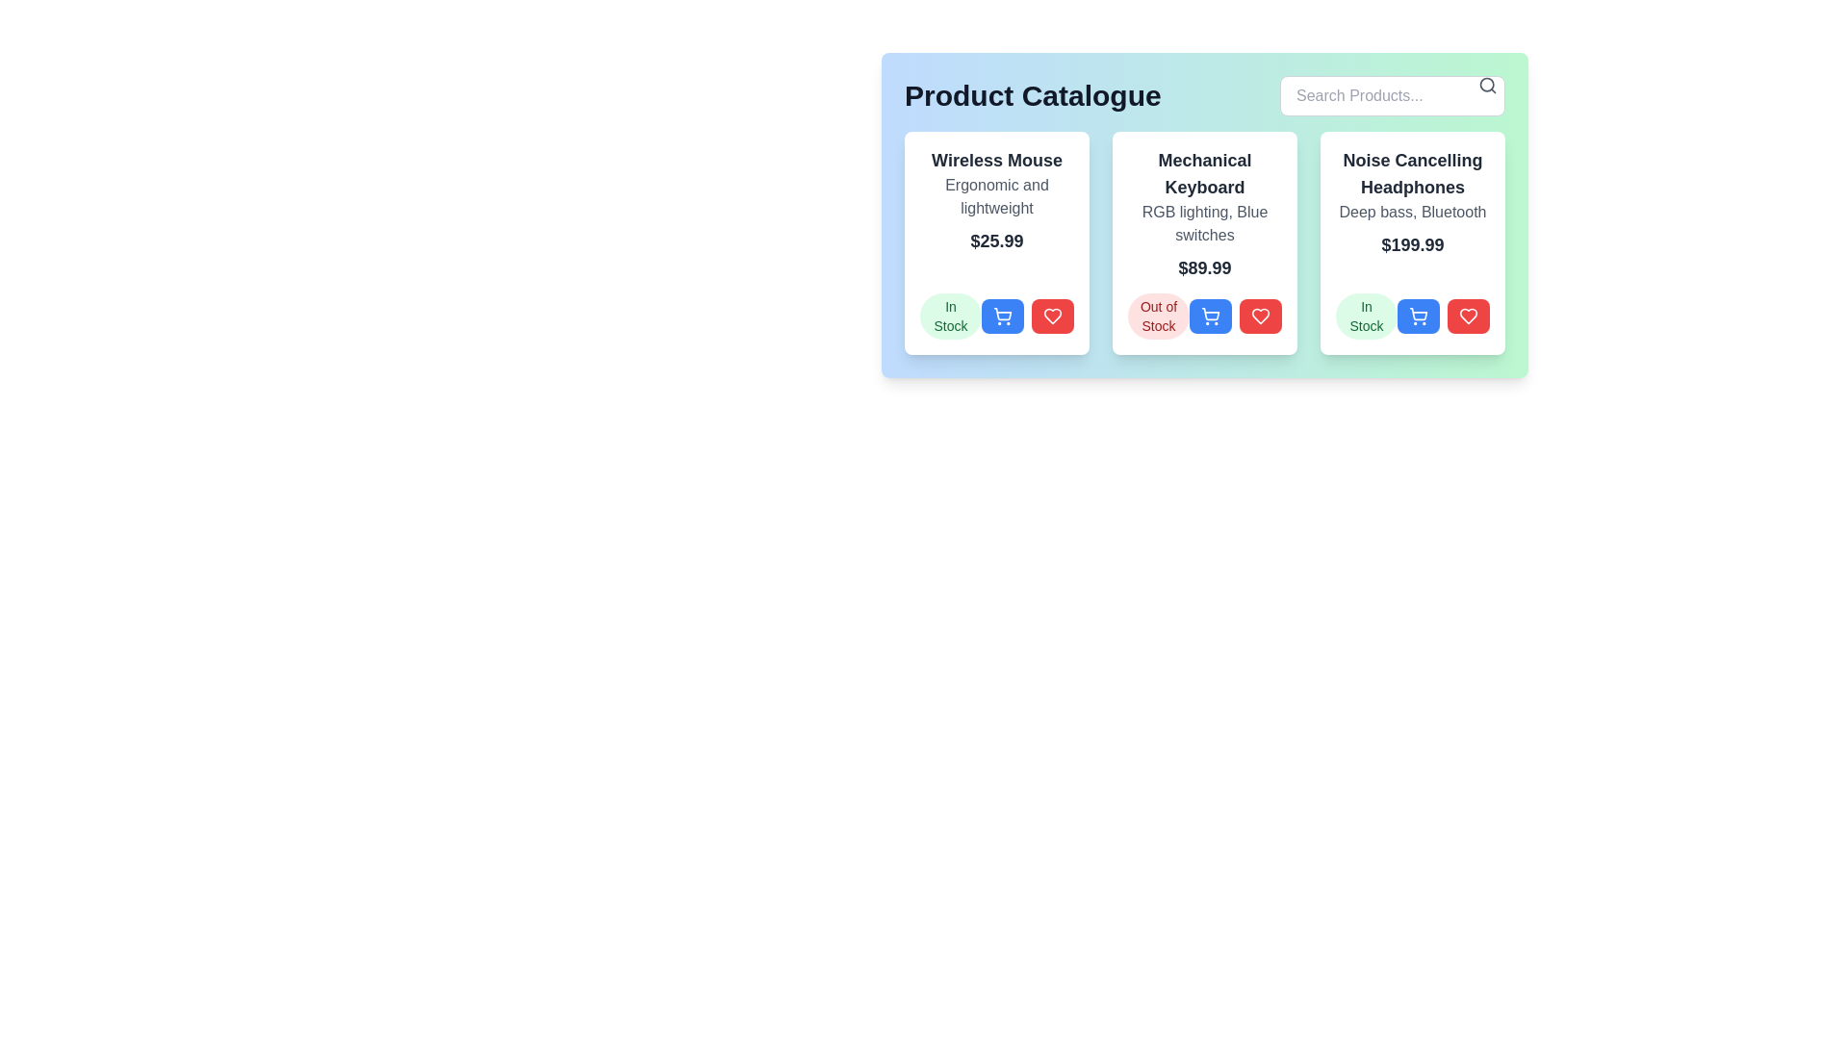  I want to click on the static text that provides additional descriptive information about the 'Mechanical Keyboard', located directly below the product title and above the product price, so click(1204, 222).